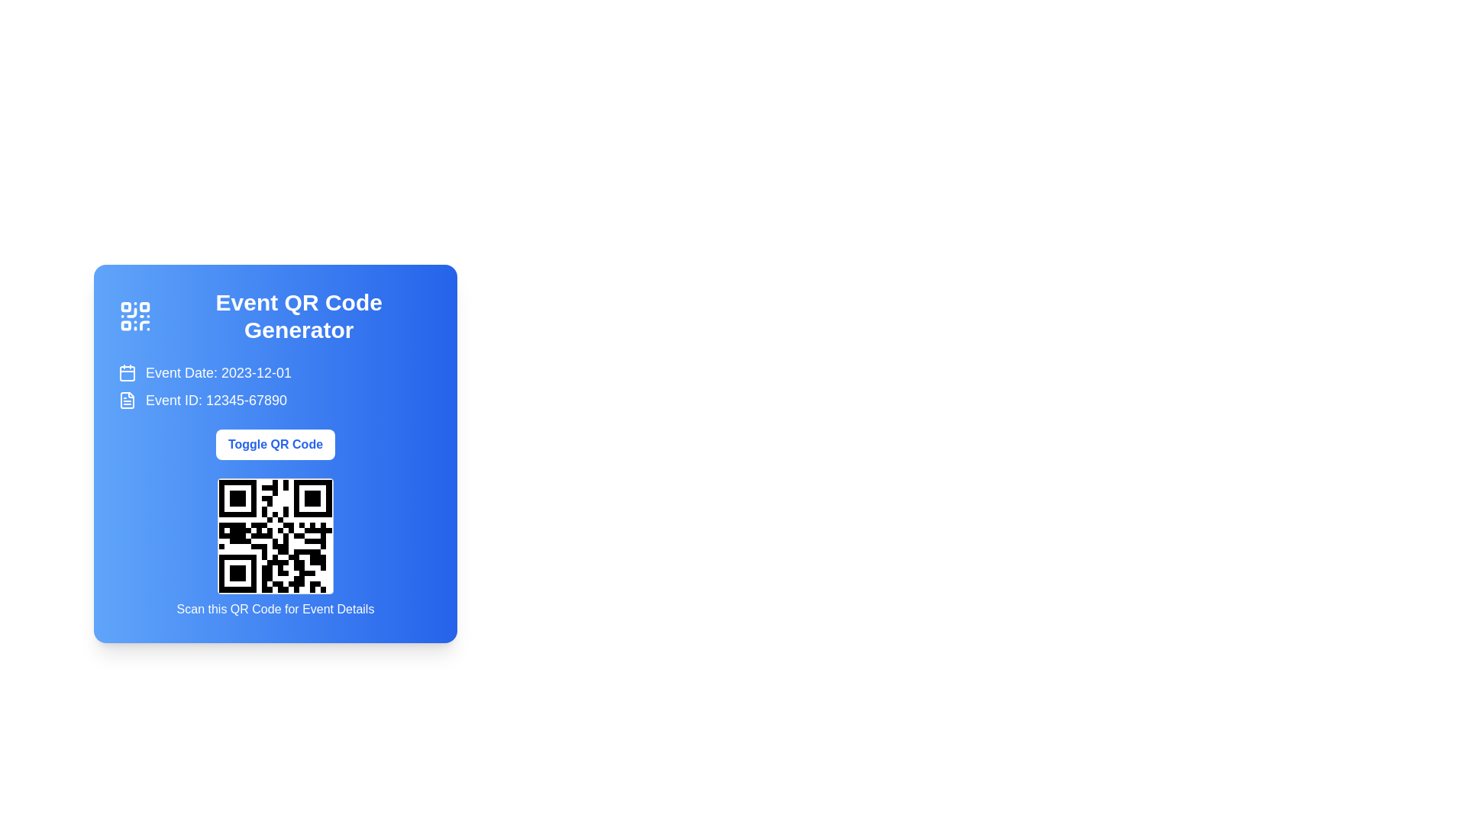 Image resolution: width=1466 pixels, height=824 pixels. Describe the element at coordinates (218, 373) in the screenshot. I see `the static text element displaying 'Event Date: 2023-12-01', which is styled with a larger text size and is positioned next to a calendar icon` at that location.